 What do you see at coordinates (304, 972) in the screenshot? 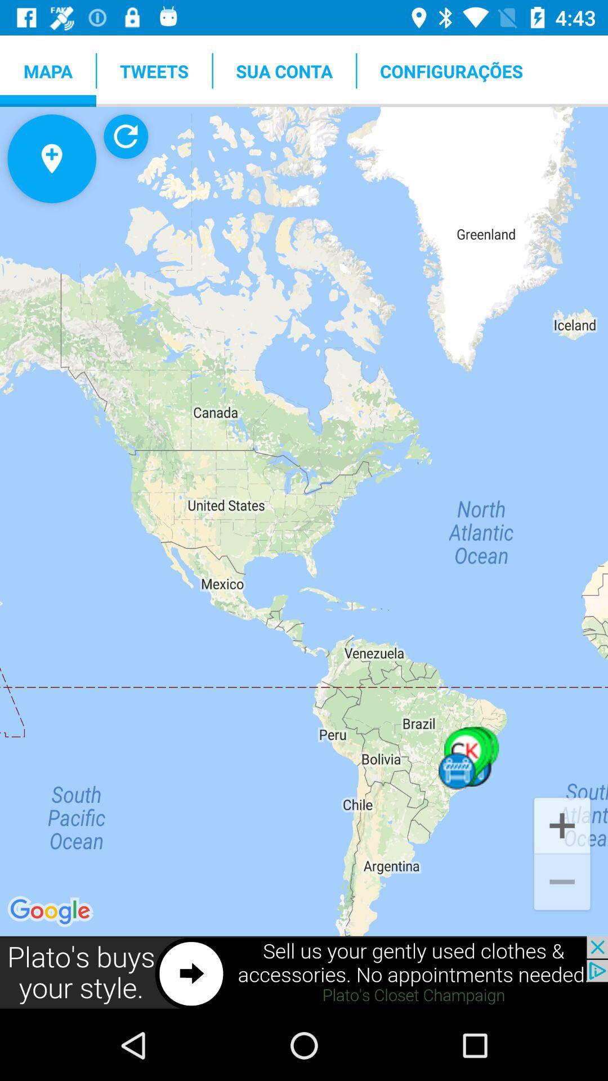
I see `visit plato 's closte website` at bounding box center [304, 972].